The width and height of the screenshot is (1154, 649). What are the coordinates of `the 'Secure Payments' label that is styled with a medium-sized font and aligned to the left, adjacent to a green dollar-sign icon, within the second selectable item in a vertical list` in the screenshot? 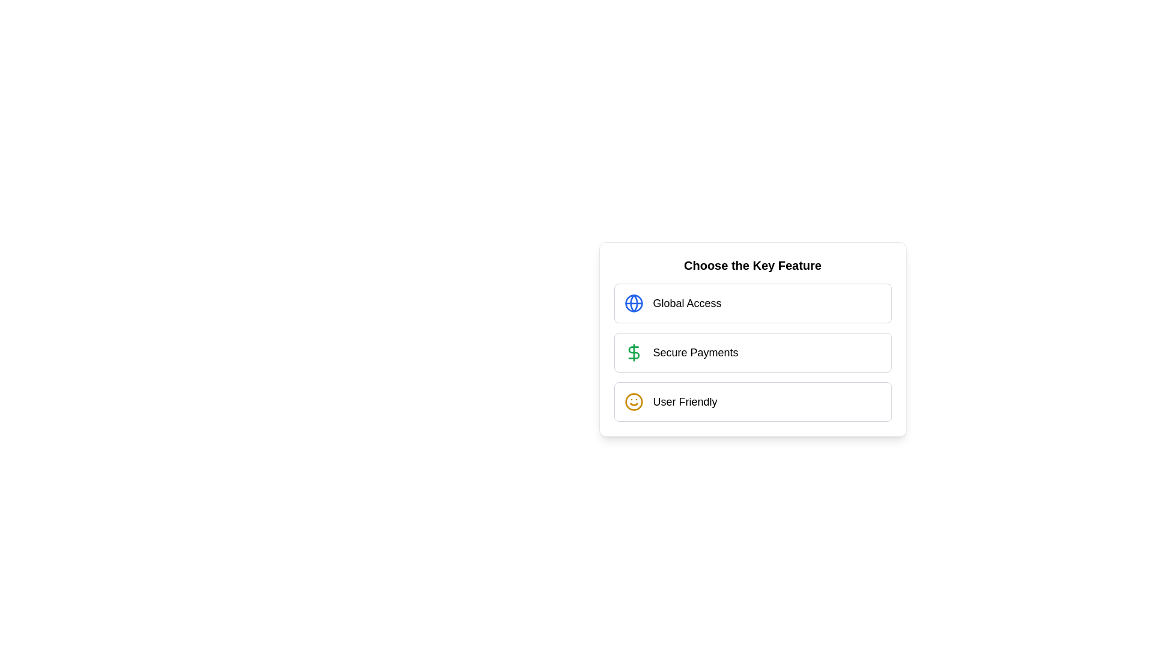 It's located at (695, 352).